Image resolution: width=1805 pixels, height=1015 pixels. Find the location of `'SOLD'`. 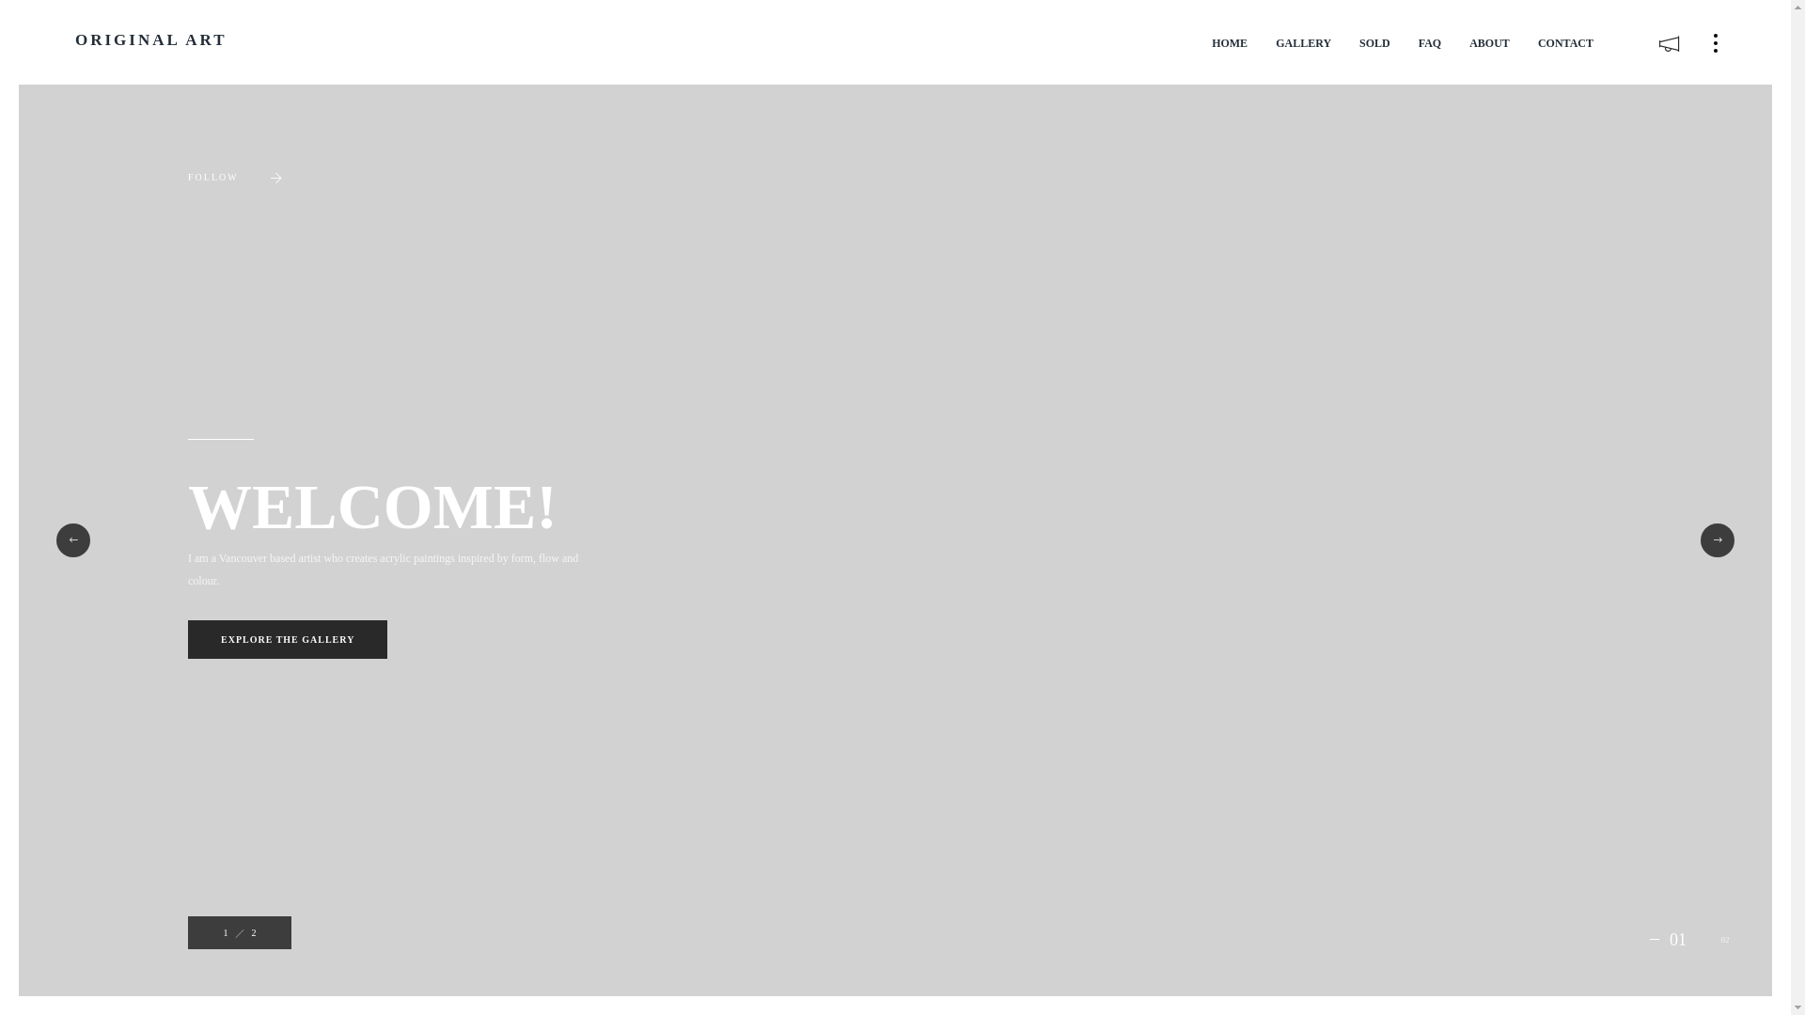

'SOLD' is located at coordinates (1374, 42).